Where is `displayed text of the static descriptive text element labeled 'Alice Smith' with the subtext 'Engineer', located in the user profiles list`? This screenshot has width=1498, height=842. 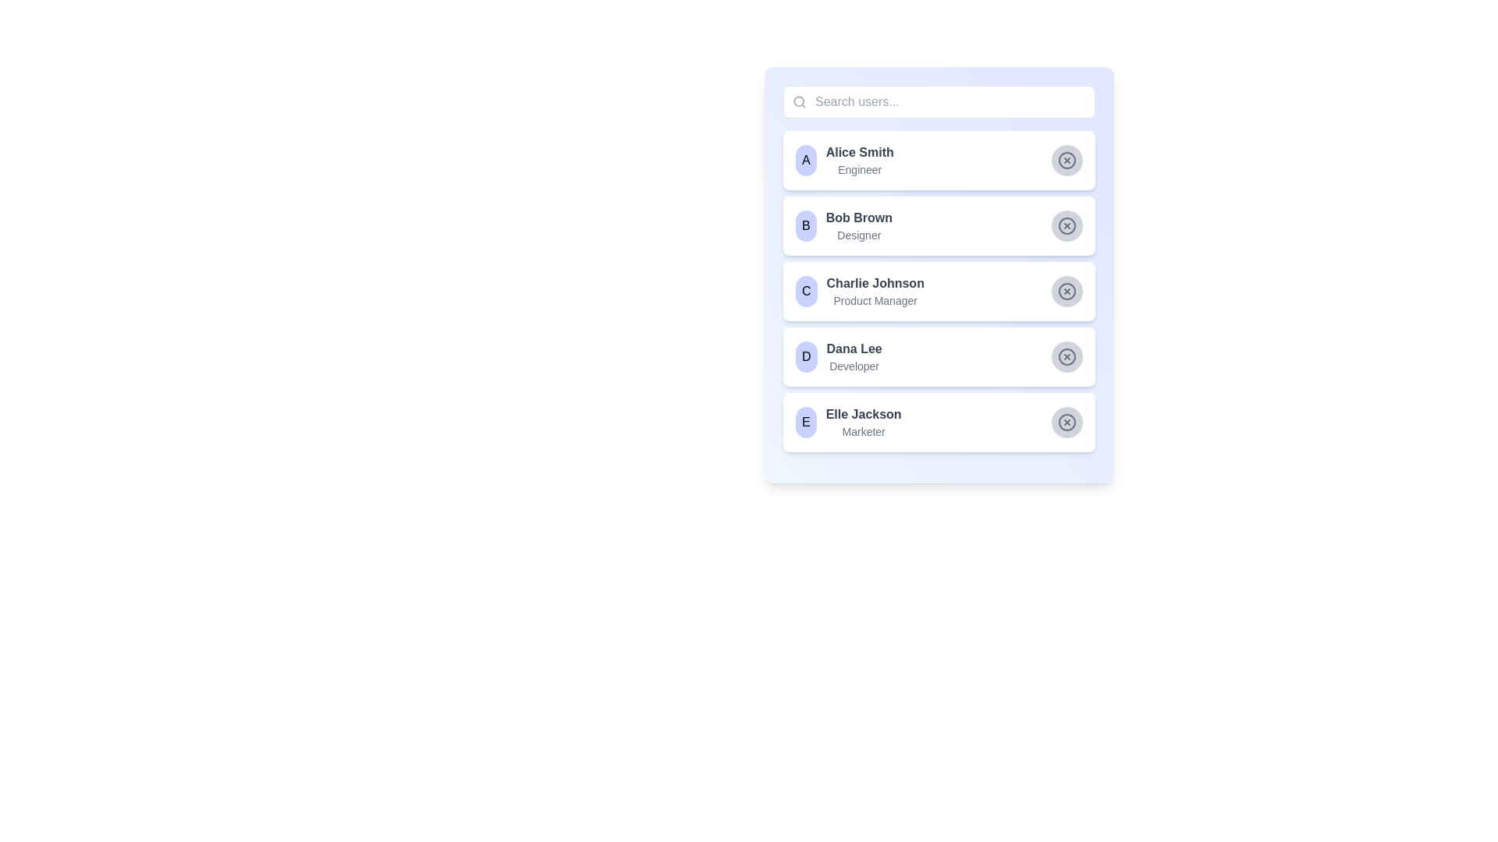 displayed text of the static descriptive text element labeled 'Alice Smith' with the subtext 'Engineer', located in the user profiles list is located at coordinates (859, 160).